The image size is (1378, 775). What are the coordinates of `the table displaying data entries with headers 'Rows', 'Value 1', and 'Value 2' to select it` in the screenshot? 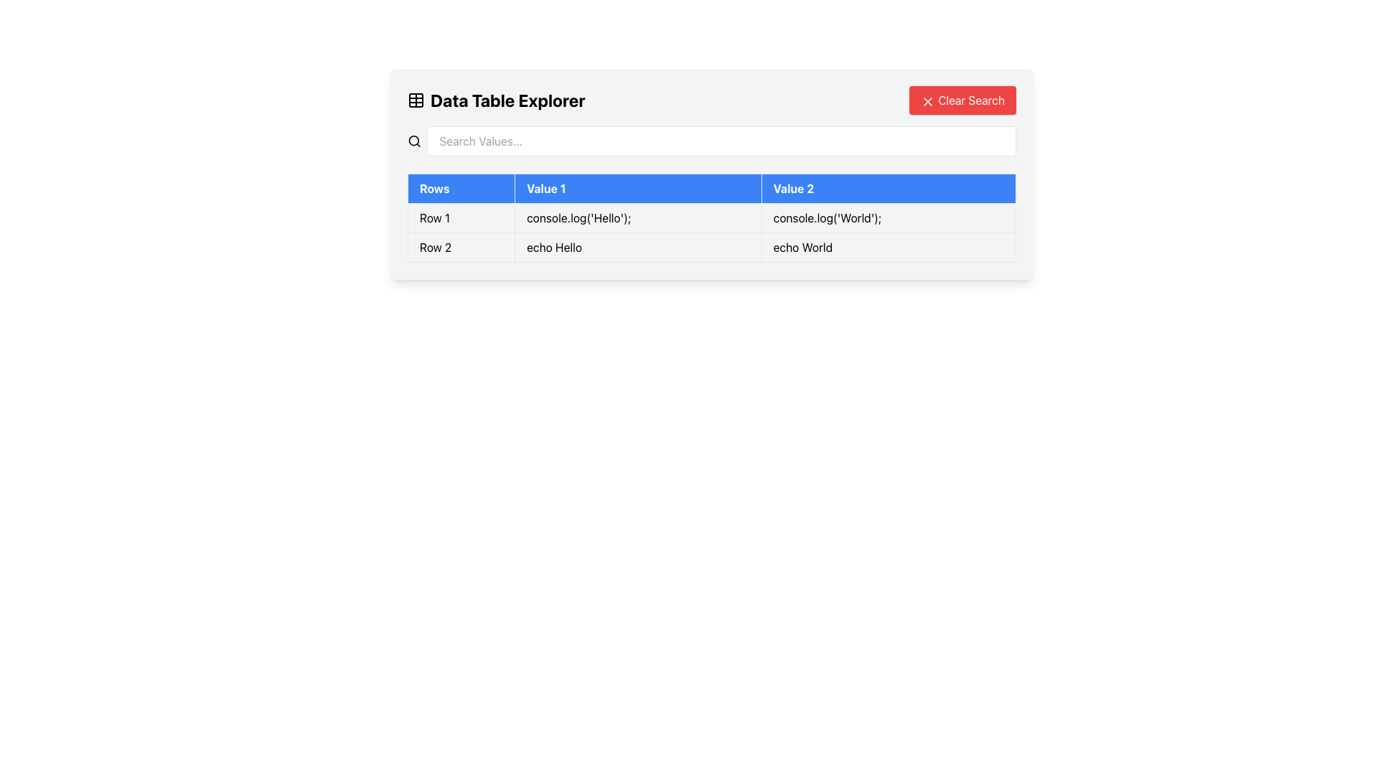 It's located at (712, 218).